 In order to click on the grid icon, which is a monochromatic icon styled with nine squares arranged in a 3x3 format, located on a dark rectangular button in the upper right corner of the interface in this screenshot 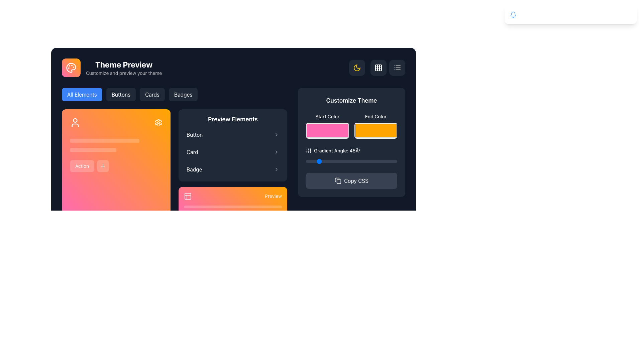, I will do `click(379, 68)`.